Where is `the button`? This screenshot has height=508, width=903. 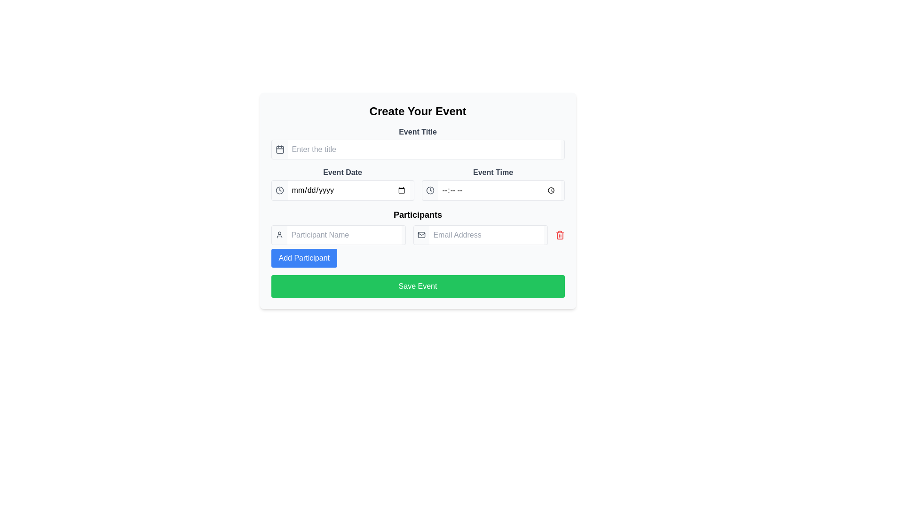 the button is located at coordinates (304, 258).